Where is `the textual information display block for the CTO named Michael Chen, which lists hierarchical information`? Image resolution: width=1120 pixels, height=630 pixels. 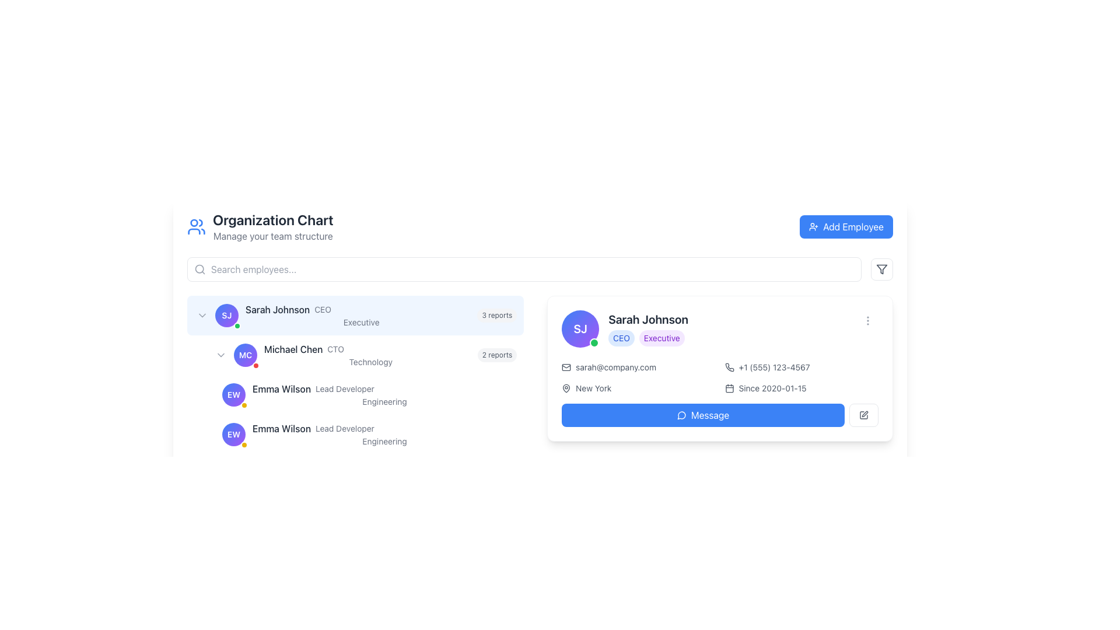
the textual information display block for the CTO named Michael Chen, which lists hierarchical information is located at coordinates (359, 375).